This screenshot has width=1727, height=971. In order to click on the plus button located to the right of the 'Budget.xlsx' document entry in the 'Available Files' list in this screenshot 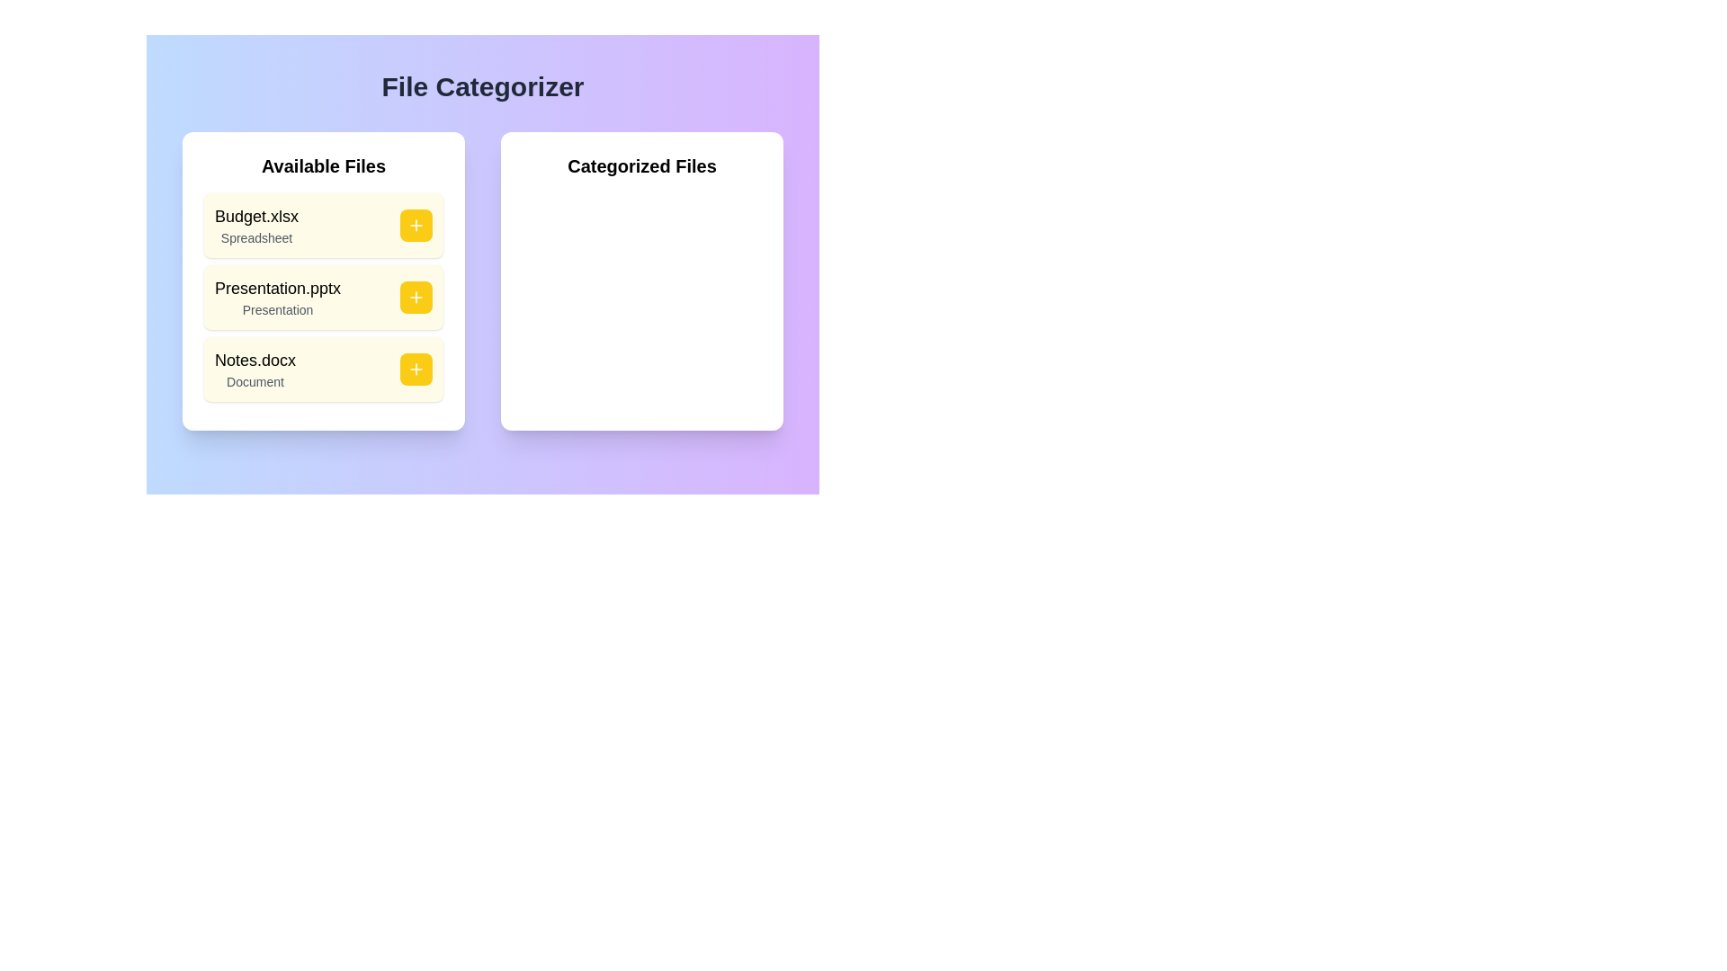, I will do `click(415, 224)`.